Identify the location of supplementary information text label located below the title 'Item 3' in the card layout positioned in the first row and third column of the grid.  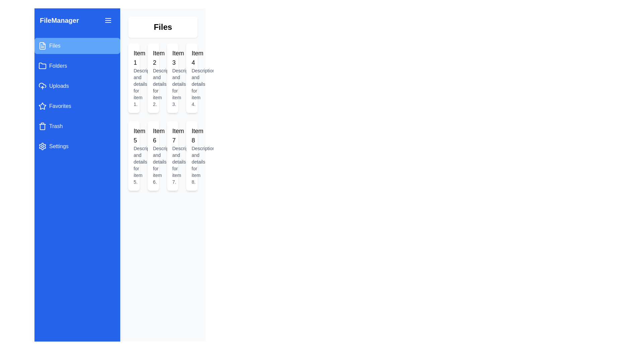
(172, 87).